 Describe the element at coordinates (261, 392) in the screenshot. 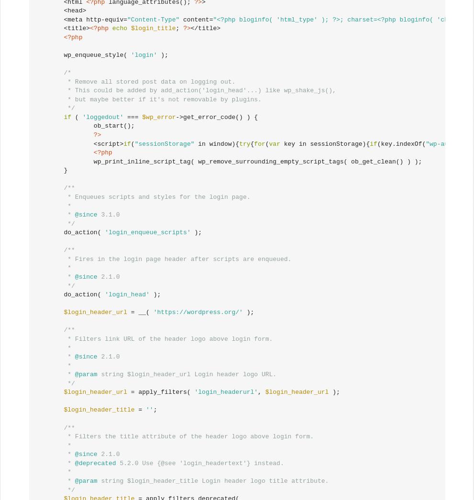

I see `','` at that location.